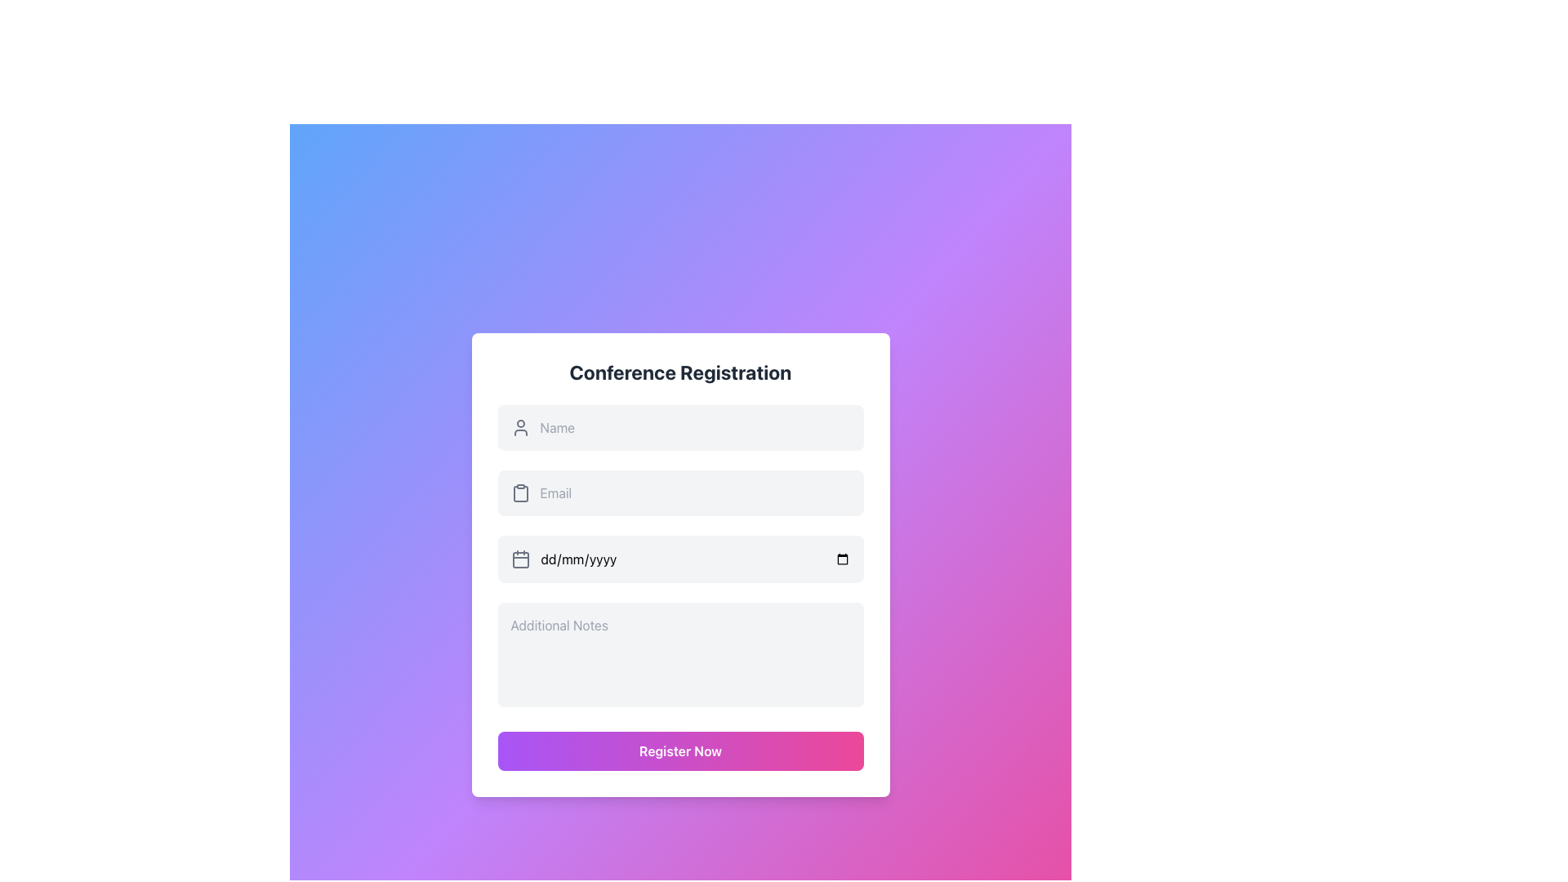 This screenshot has height=882, width=1568. Describe the element at coordinates (680, 751) in the screenshot. I see `the submission button for the registration form` at that location.